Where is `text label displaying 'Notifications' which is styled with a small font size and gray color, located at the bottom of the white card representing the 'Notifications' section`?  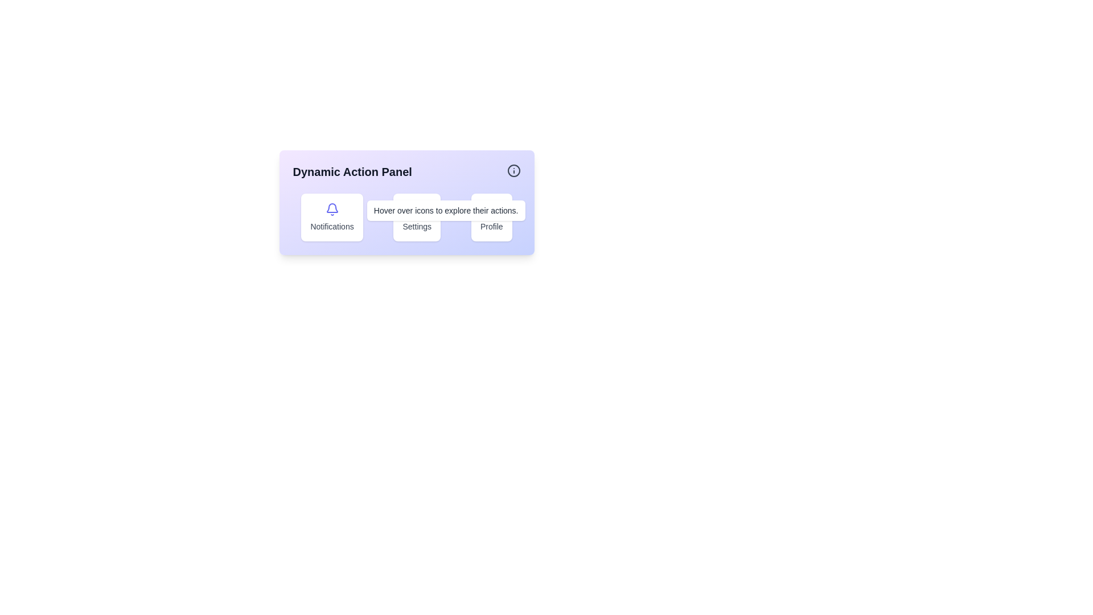
text label displaying 'Notifications' which is styled with a small font size and gray color, located at the bottom of the white card representing the 'Notifications' section is located at coordinates (331, 226).